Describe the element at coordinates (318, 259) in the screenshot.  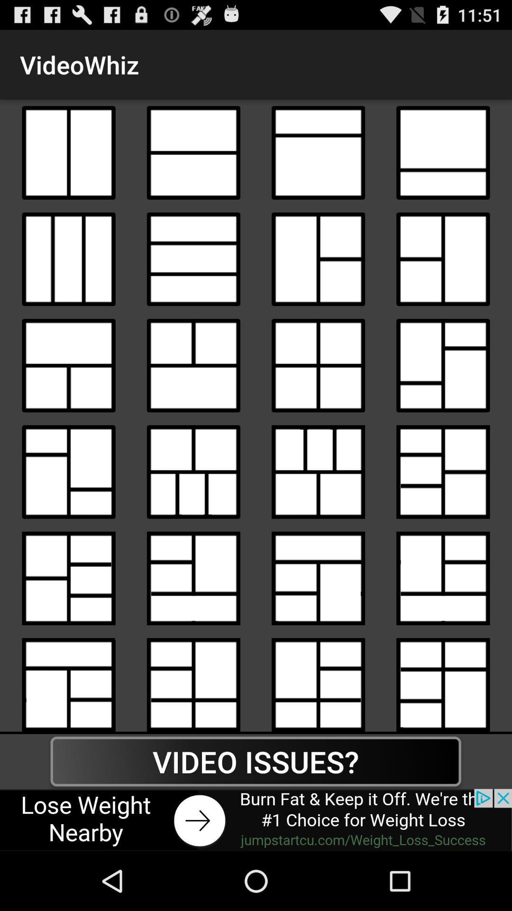
I see `model of grid` at that location.